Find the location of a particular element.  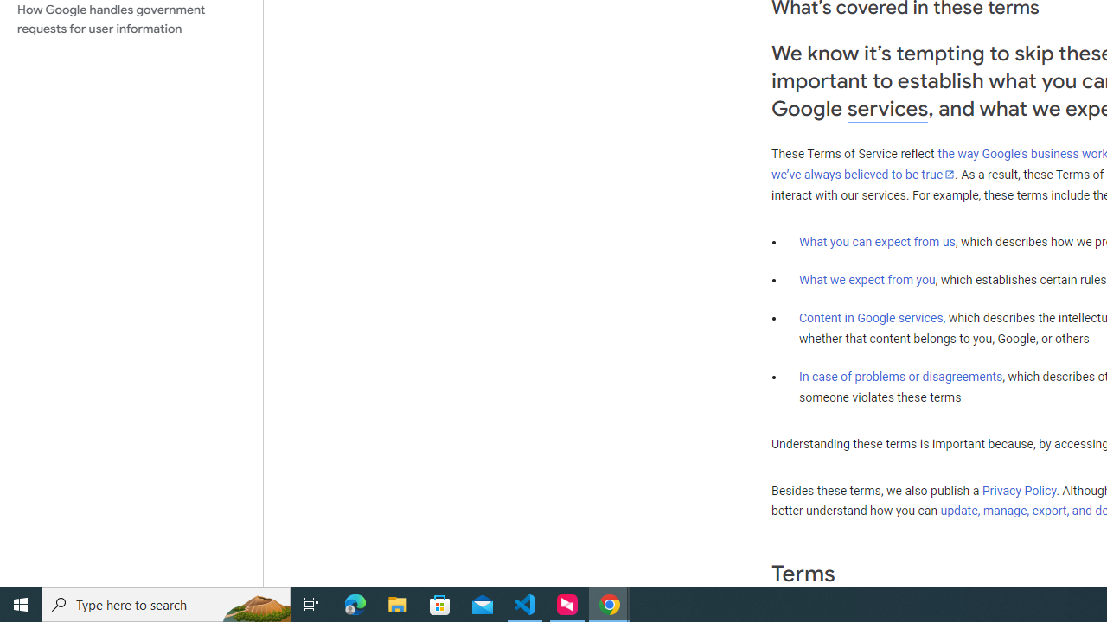

'In case of problems or disagreements' is located at coordinates (899, 375).